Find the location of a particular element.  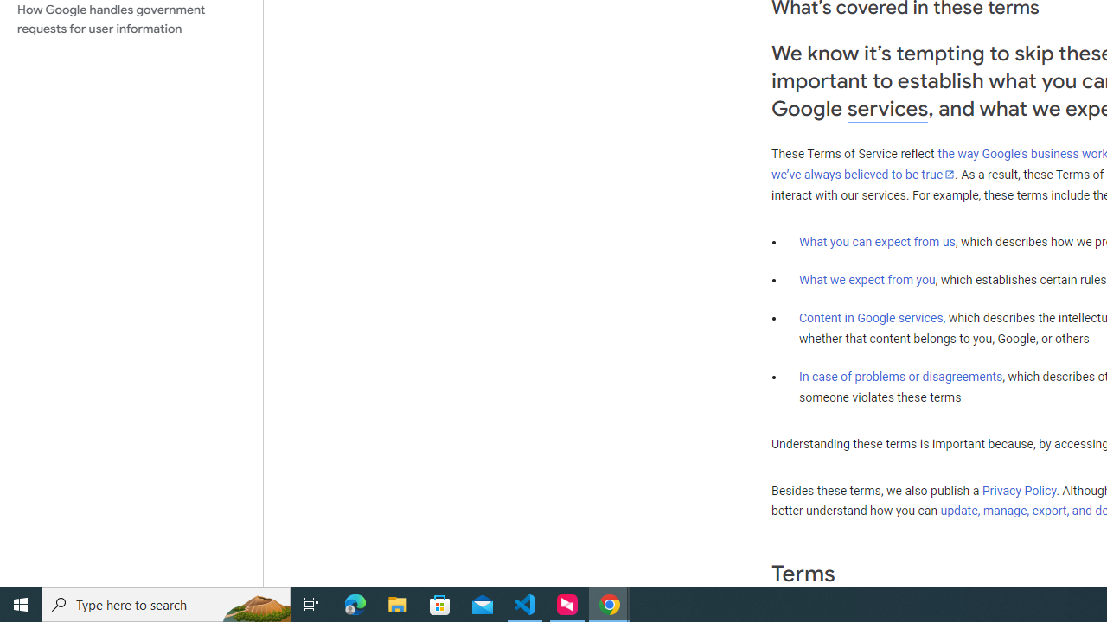

'In case of problems or disagreements' is located at coordinates (899, 375).